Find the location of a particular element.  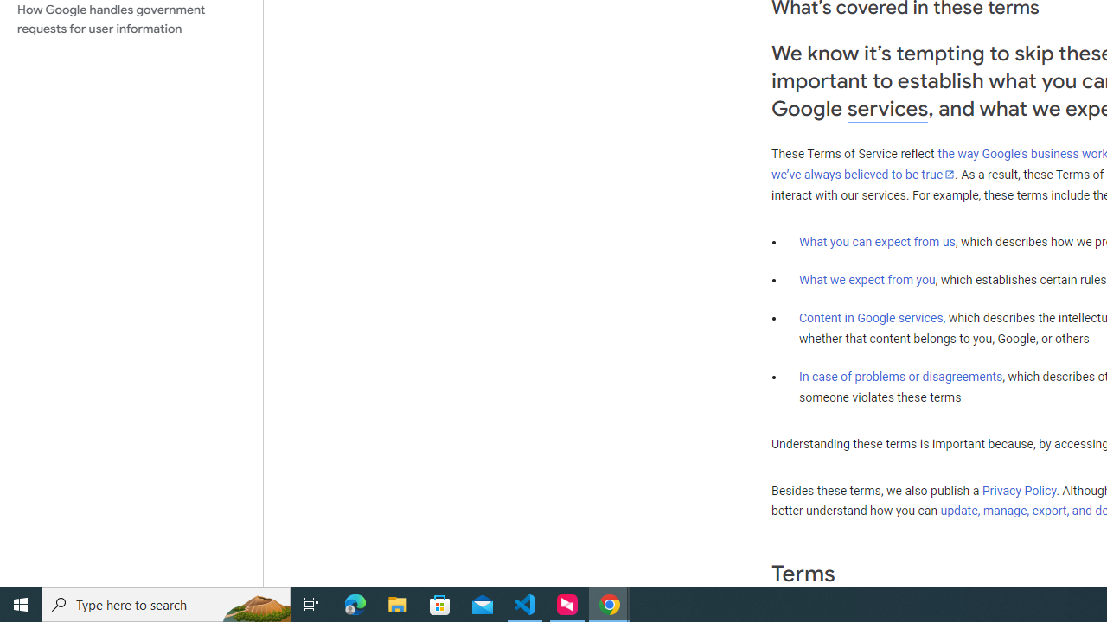

'In case of problems or disagreements' is located at coordinates (899, 375).